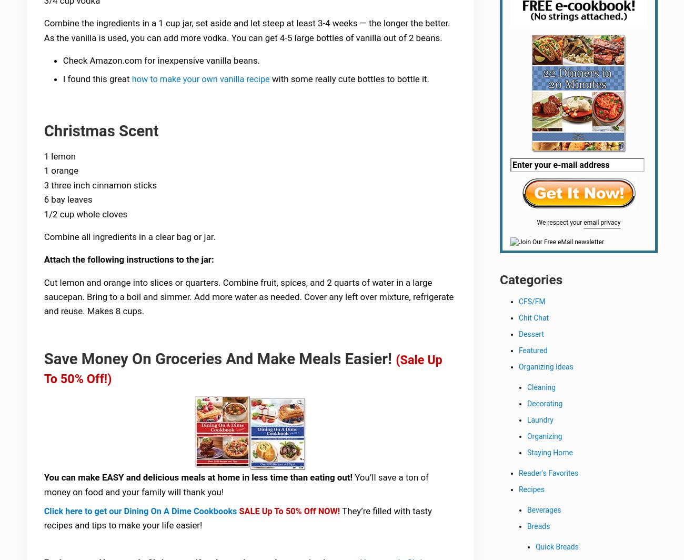  I want to click on 'You’ll save a ton of money on food and your family will thank you!', so click(237, 487).